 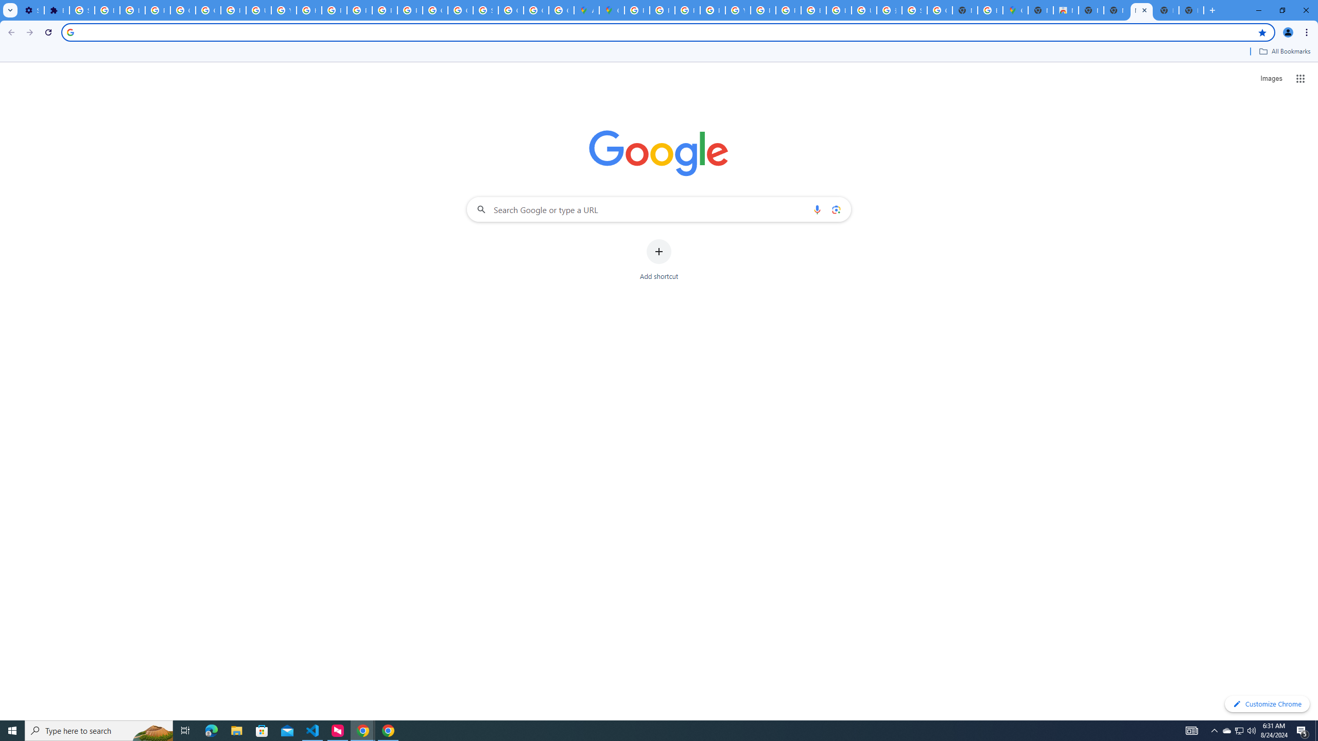 I want to click on 'Explore new street-level details - Google Maps Help', so click(x=989, y=10).